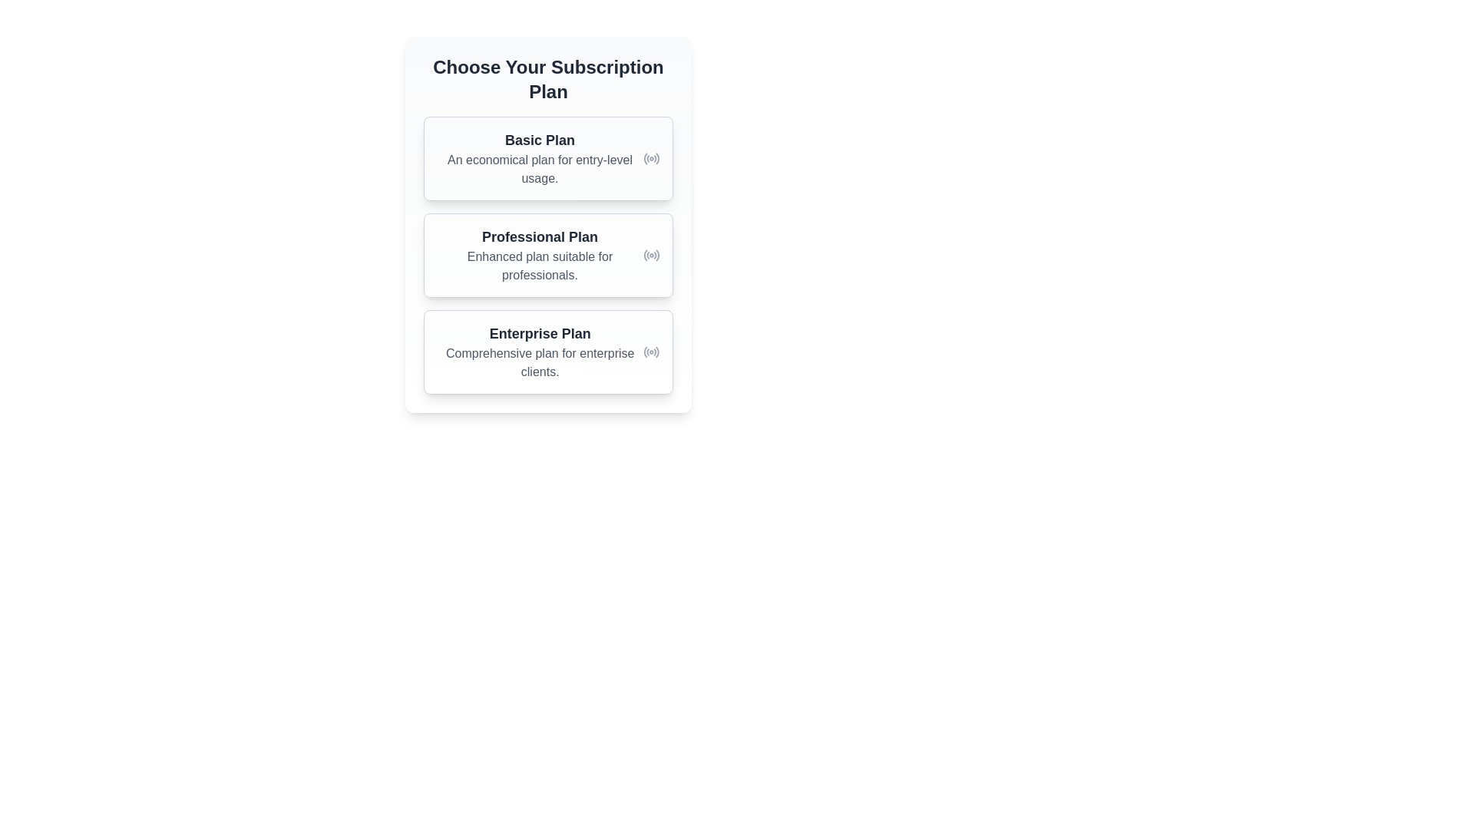  What do you see at coordinates (548, 254) in the screenshot?
I see `to select the second subscription plan option in the vertically stacked list of subscription plans, which is represented by a selectable card with descriptive text and an icon` at bounding box center [548, 254].